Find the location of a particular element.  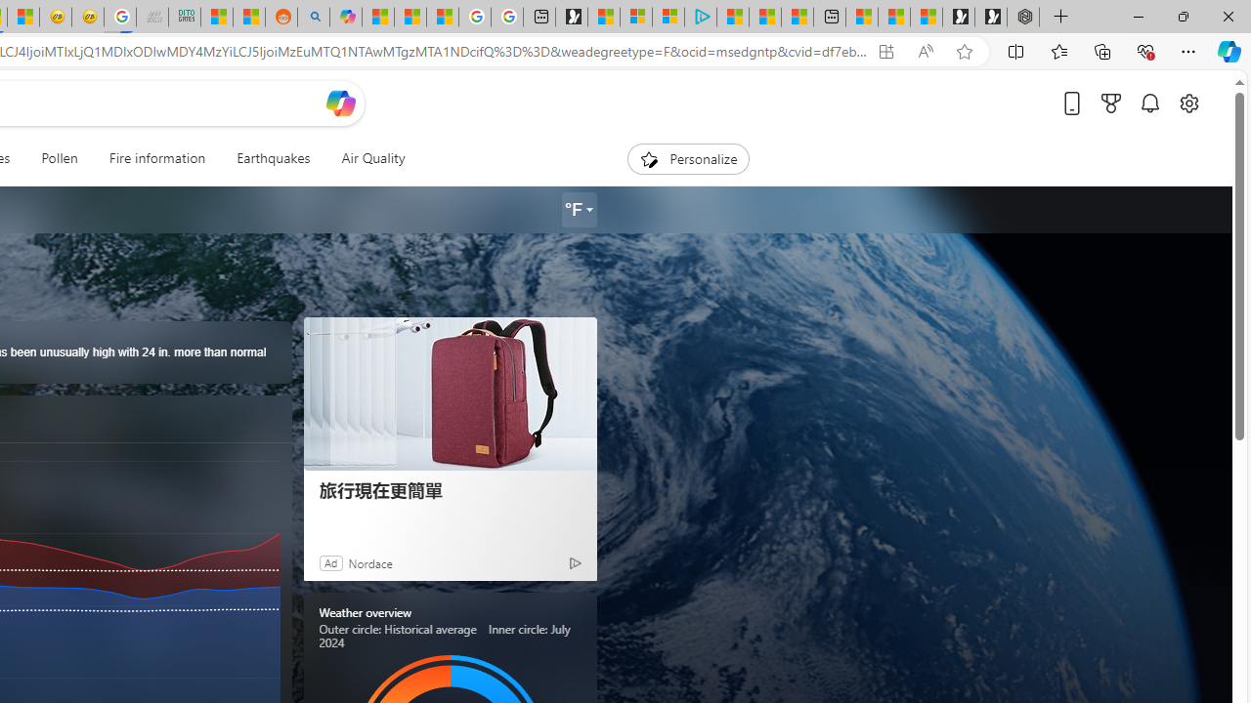

'Microsoft Copilot in Bing' is located at coordinates (345, 17).